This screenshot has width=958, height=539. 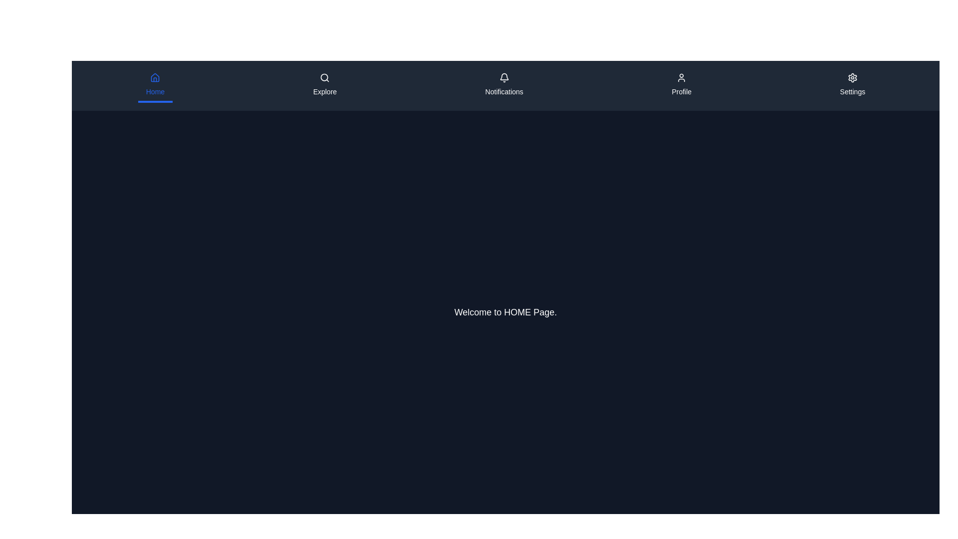 What do you see at coordinates (325, 77) in the screenshot?
I see `the search icon in the navigation bar located directly above the 'Explore' label` at bounding box center [325, 77].